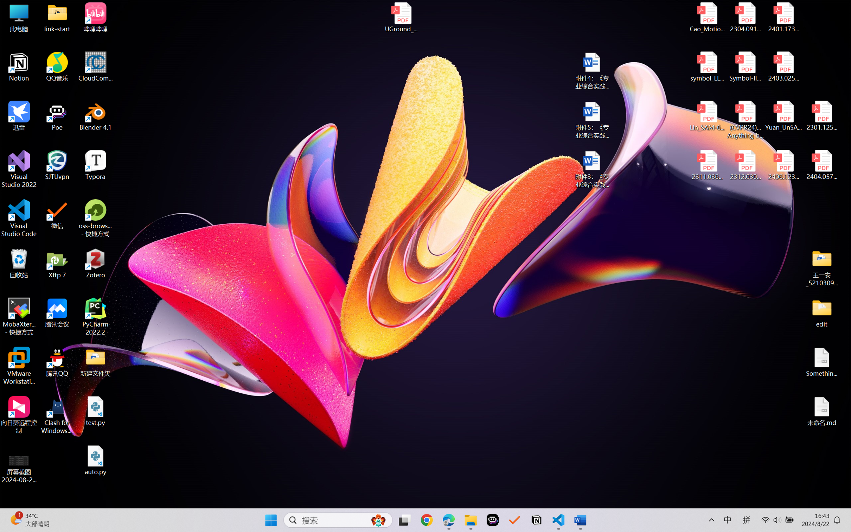 The image size is (851, 532). What do you see at coordinates (745, 17) in the screenshot?
I see `'2304.09121v3.pdf'` at bounding box center [745, 17].